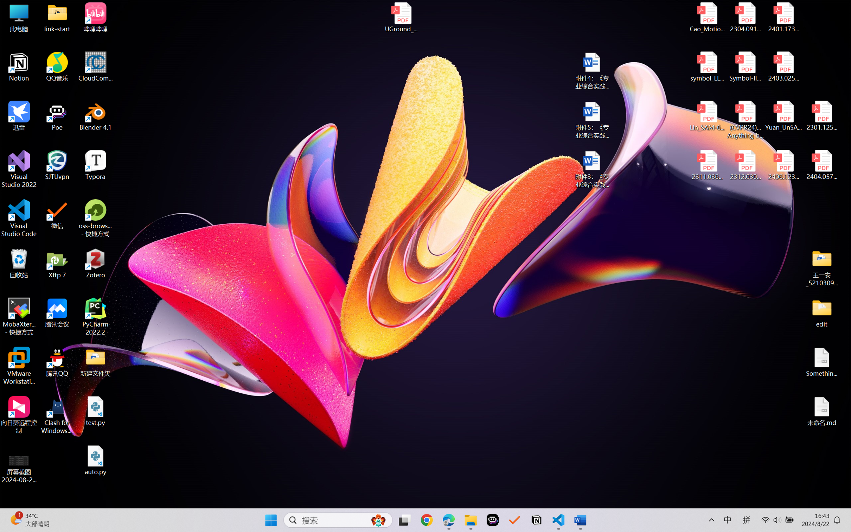 The image size is (851, 532). What do you see at coordinates (745, 17) in the screenshot?
I see `'2304.09121v3.pdf'` at bounding box center [745, 17].